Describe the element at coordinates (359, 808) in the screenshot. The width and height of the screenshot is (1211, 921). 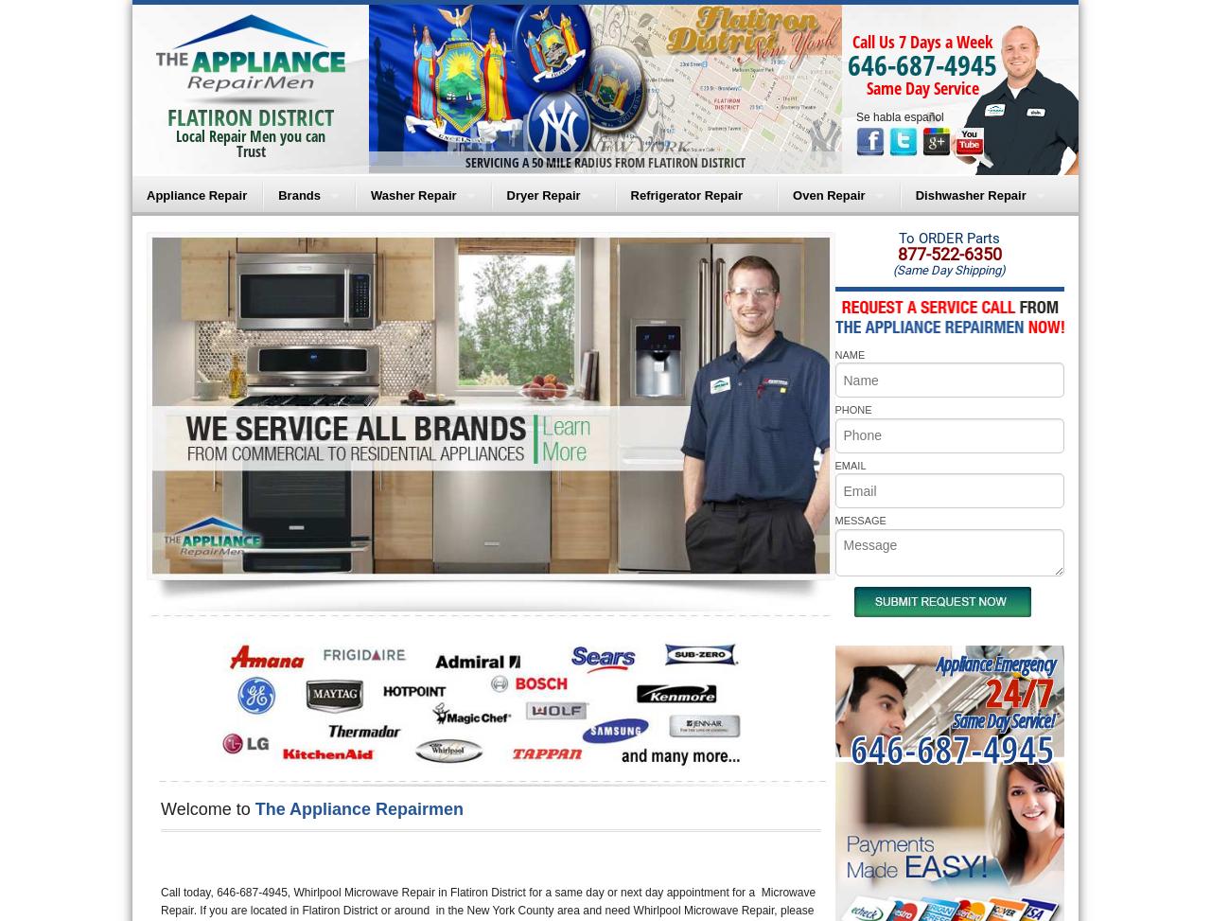
I see `'The Appliance Repairmen'` at that location.